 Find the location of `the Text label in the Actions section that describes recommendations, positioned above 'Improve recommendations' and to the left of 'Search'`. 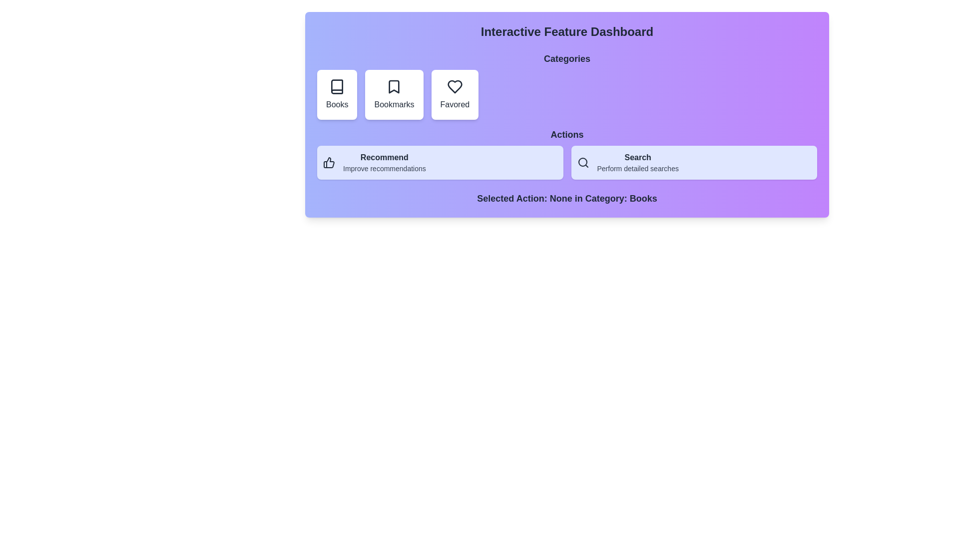

the Text label in the Actions section that describes recommendations, positioned above 'Improve recommendations' and to the left of 'Search' is located at coordinates (384, 157).